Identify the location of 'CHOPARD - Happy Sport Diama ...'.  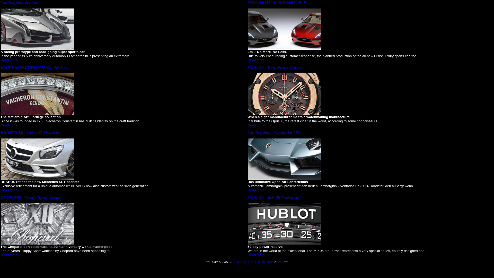
(32, 197).